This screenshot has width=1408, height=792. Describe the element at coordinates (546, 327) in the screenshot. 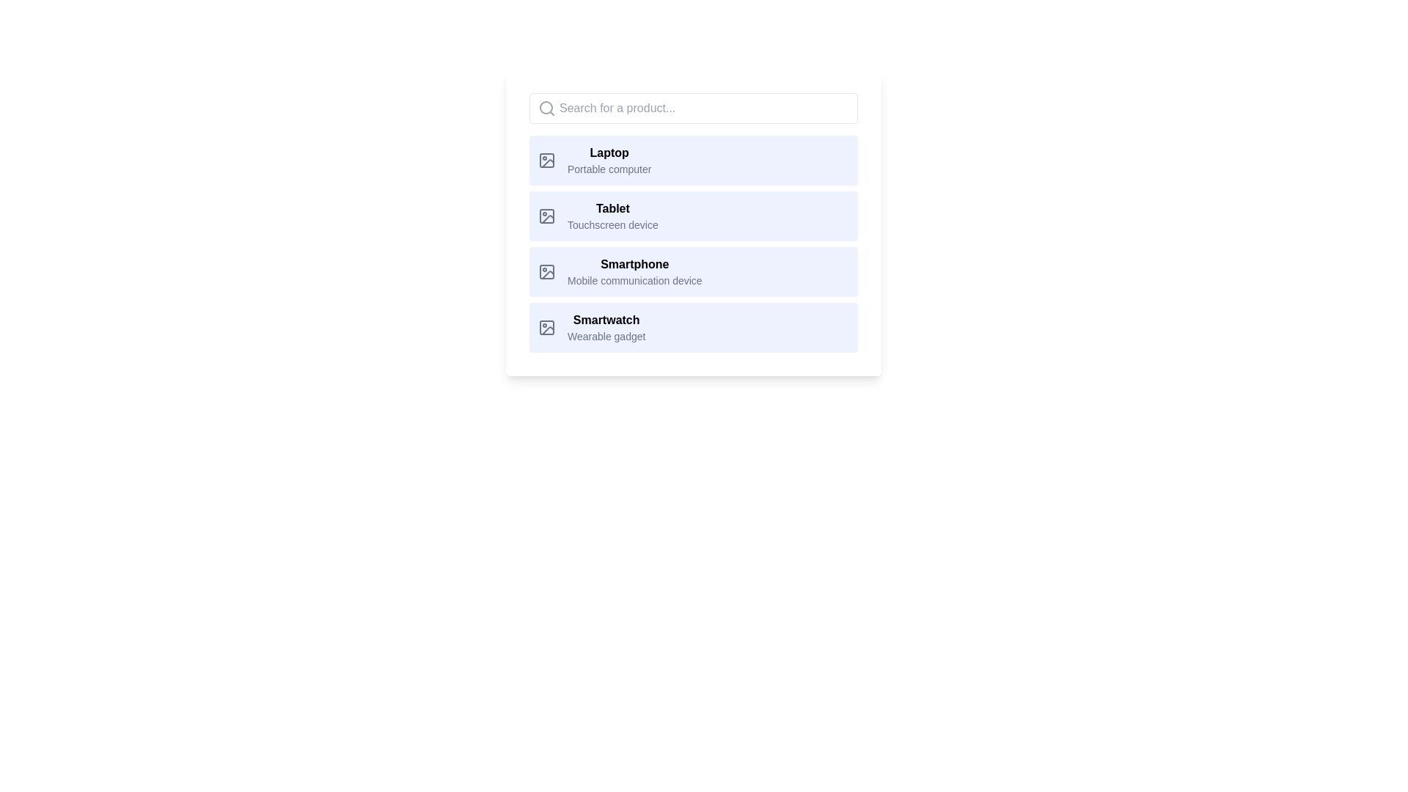

I see `the gray, minimalistic icon resembling a picture frame with a round corner, located to the left of the 'Smartwatch' text block in the fourth row of a vertically stacked list` at that location.